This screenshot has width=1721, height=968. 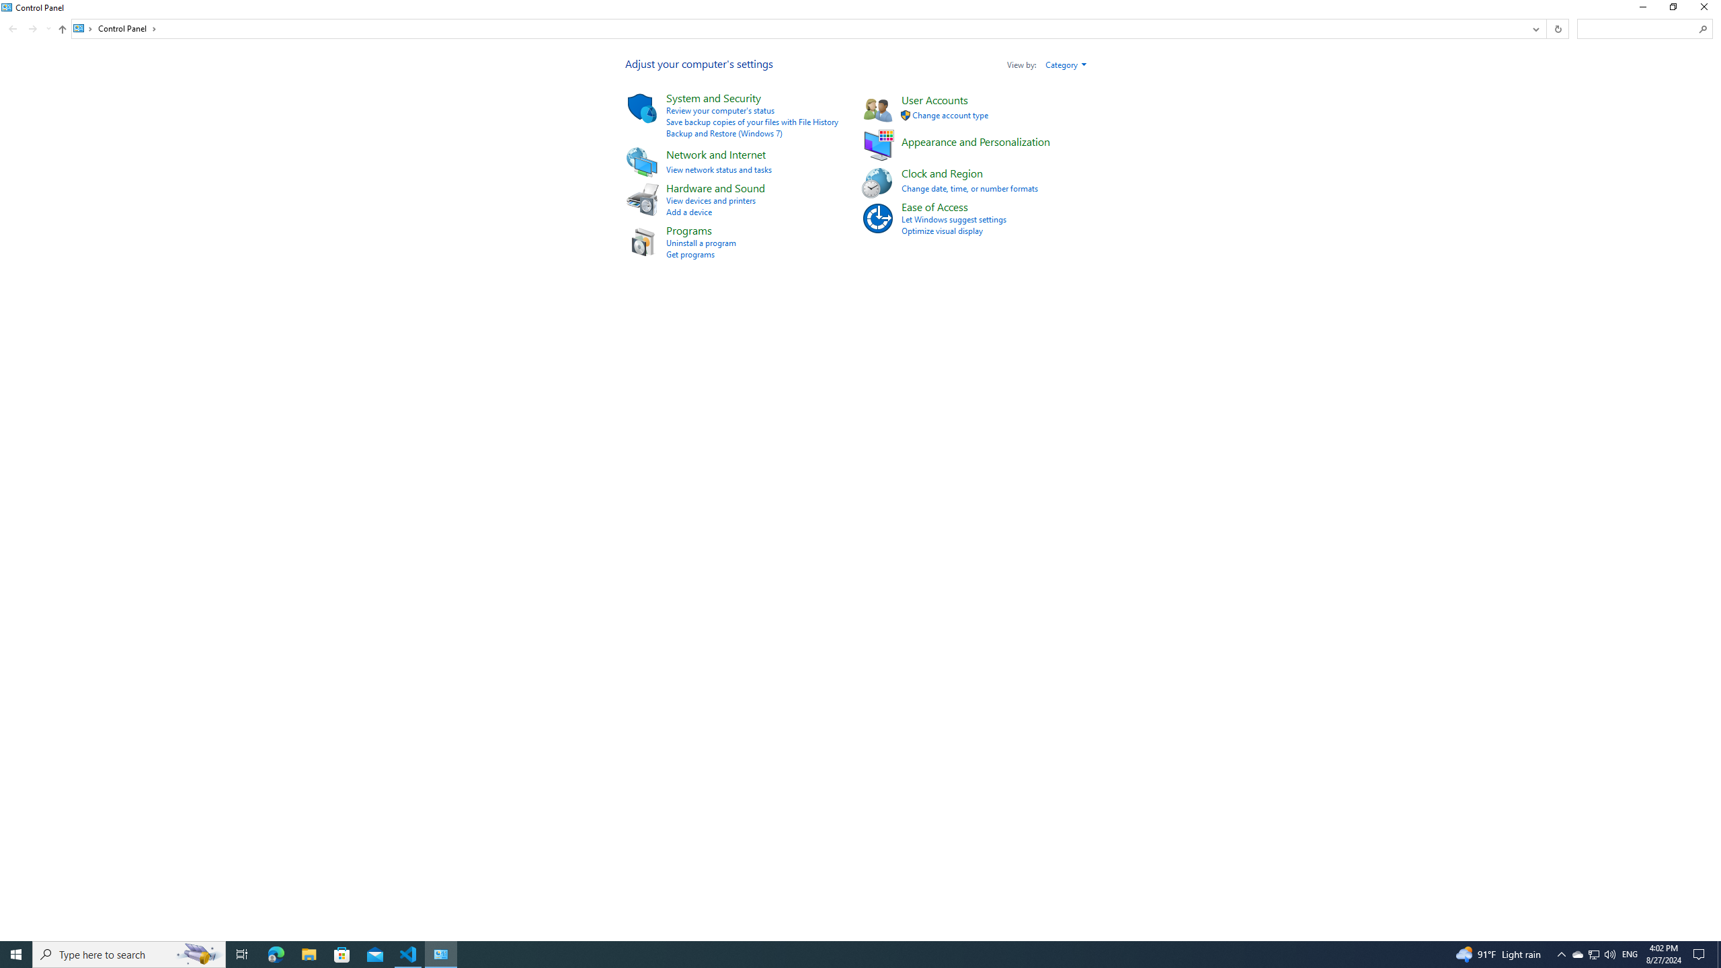 I want to click on 'Backup and Restore (Windows 7)', so click(x=723, y=133).